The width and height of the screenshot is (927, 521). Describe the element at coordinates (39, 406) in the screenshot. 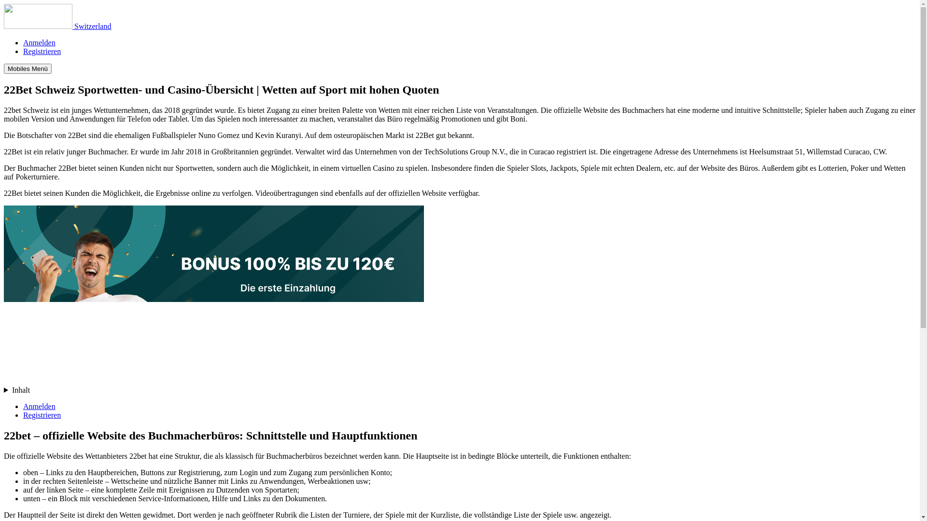

I see `'Anmelden'` at that location.